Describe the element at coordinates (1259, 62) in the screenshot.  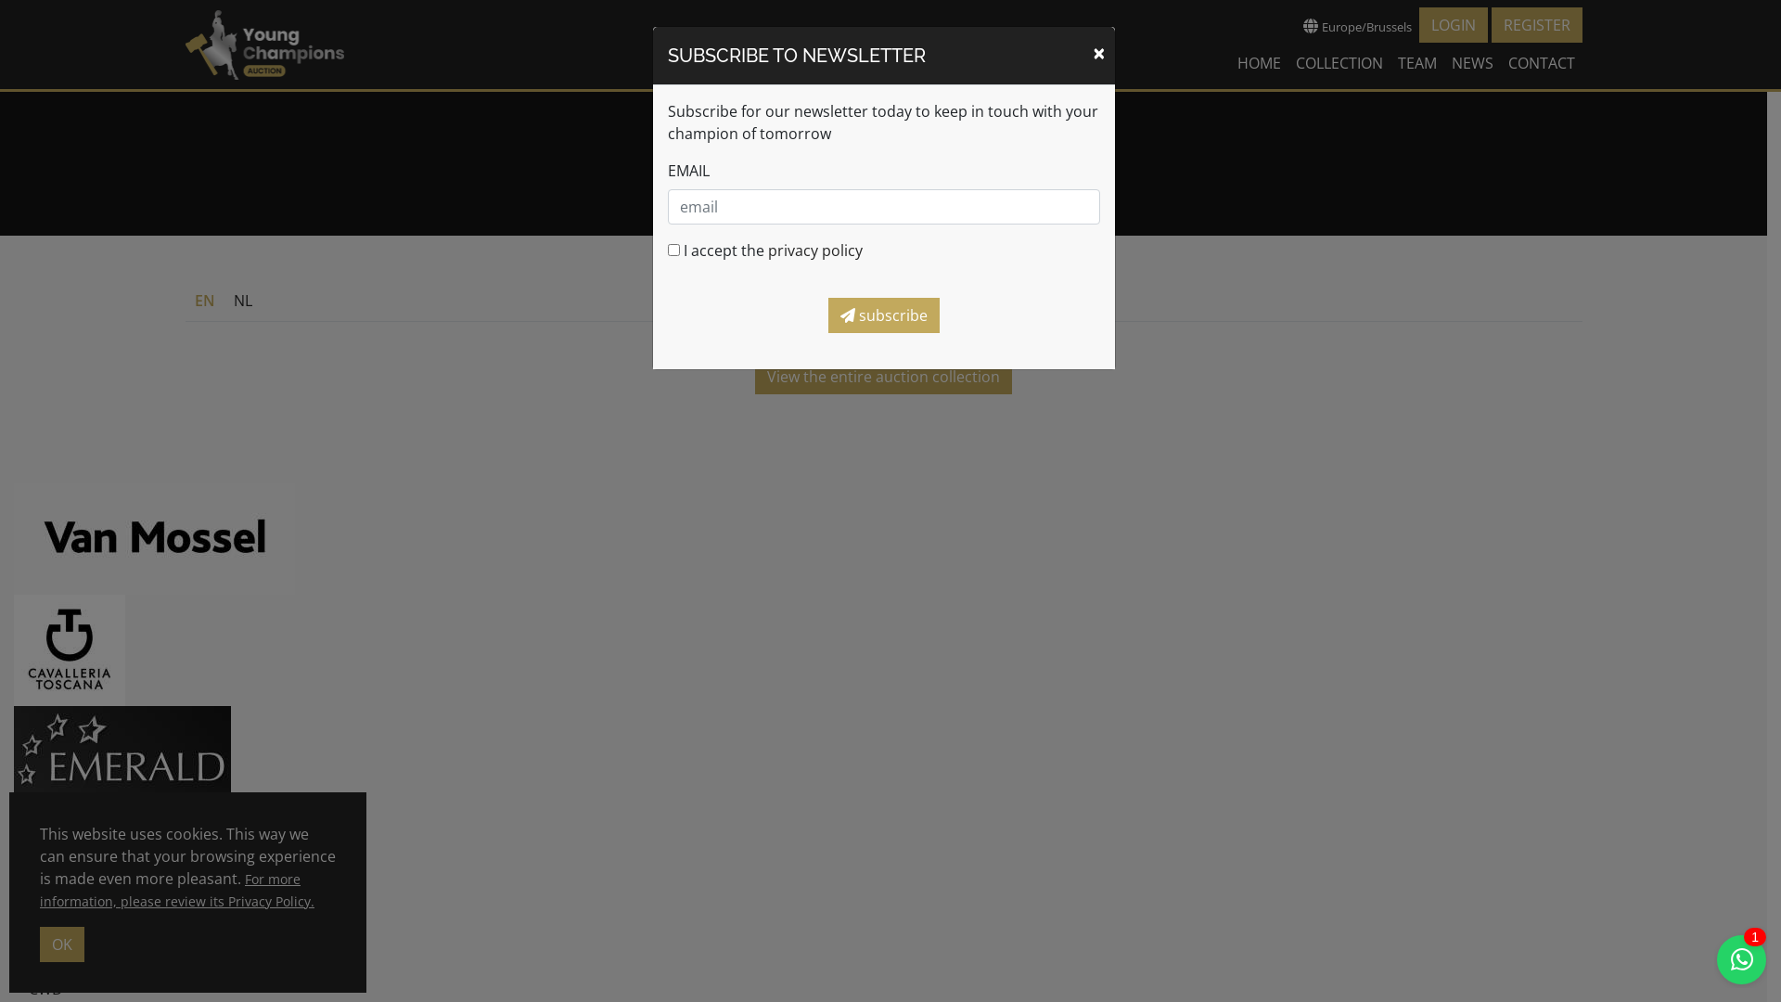
I see `'HOME'` at that location.